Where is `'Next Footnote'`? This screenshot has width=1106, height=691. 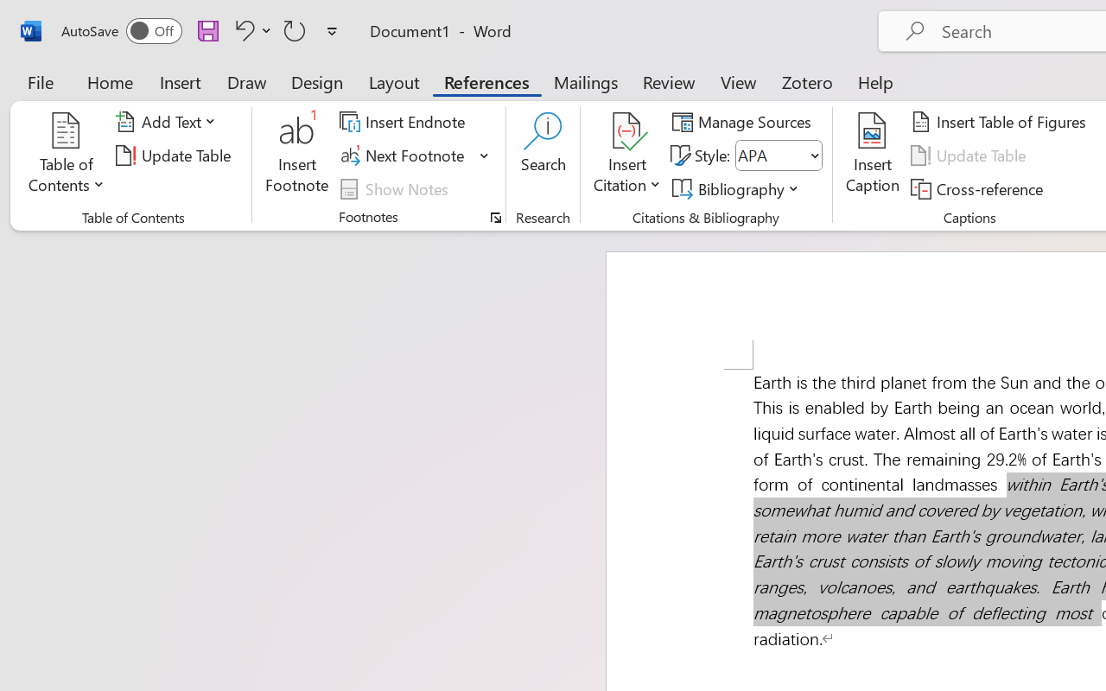
'Next Footnote' is located at coordinates (404, 155).